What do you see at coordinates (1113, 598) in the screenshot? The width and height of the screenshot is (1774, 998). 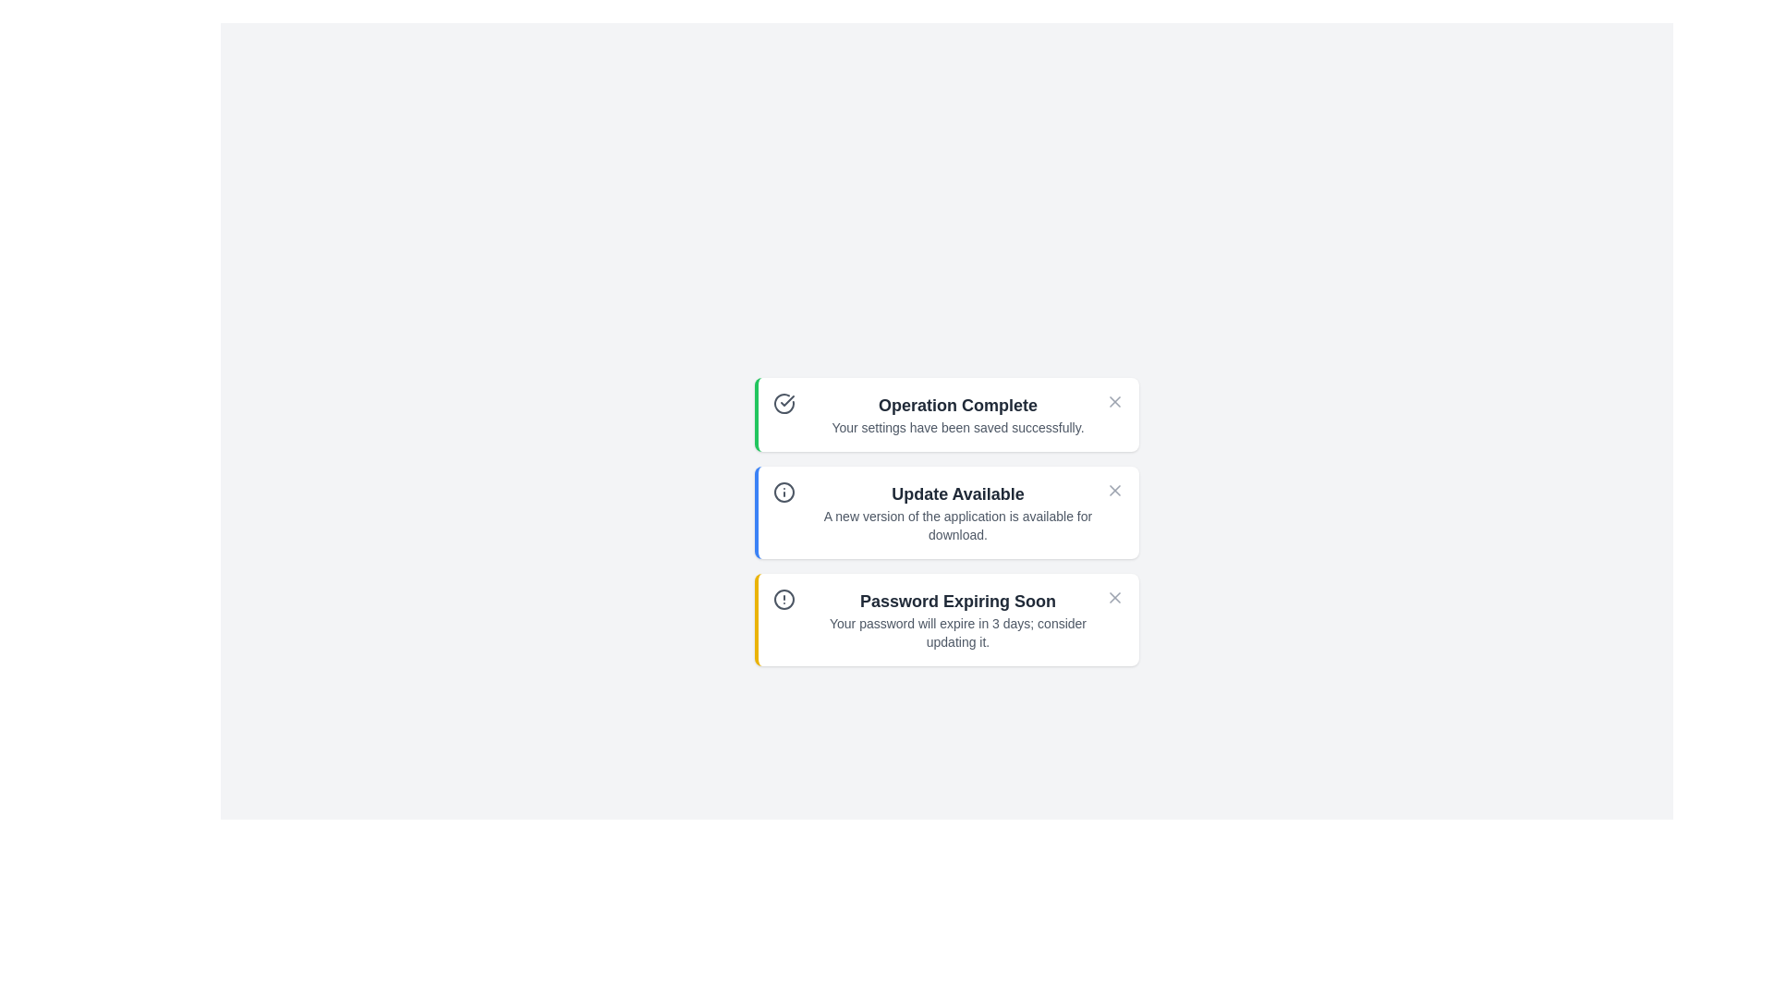 I see `the close button icon represented by a diagonal cross located in the bottom-right corner of the third notification panel displaying 'Password Expiring Soon.'` at bounding box center [1113, 598].